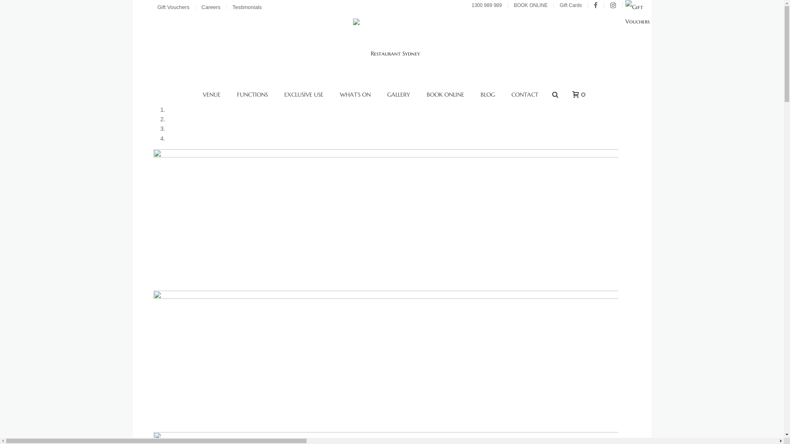 This screenshot has width=790, height=444. Describe the element at coordinates (211, 94) in the screenshot. I see `'VENUE'` at that location.